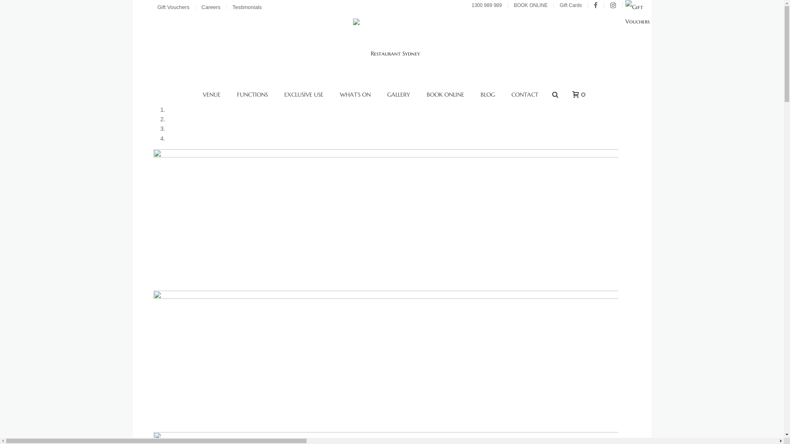 This screenshot has width=790, height=444. Describe the element at coordinates (211, 94) in the screenshot. I see `'VENUE'` at that location.